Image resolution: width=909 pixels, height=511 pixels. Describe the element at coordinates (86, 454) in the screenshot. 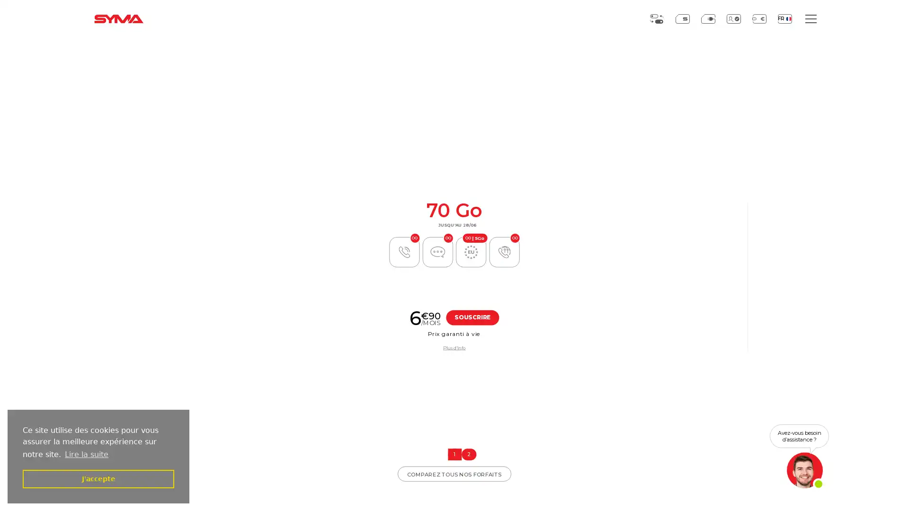

I see `learn more about cookies` at that location.